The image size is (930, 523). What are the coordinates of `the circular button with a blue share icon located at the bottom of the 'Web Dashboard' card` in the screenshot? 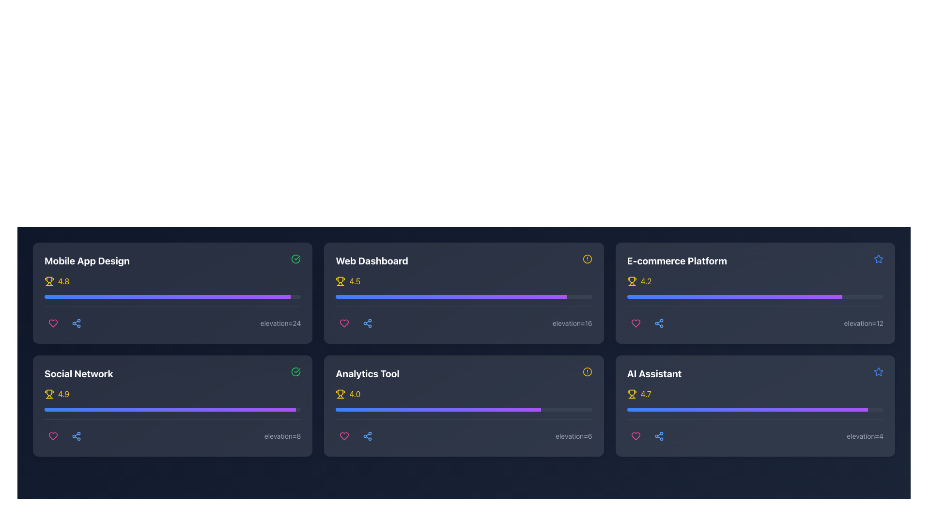 It's located at (367, 323).